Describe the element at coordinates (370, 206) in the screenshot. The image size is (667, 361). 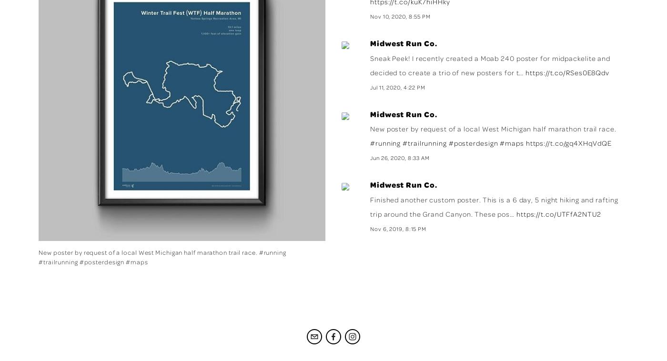
I see `'Finished another custom poster. This is a 6 day, 5 night hiking and rafting trip around the Grand Canyon. These pos…'` at that location.